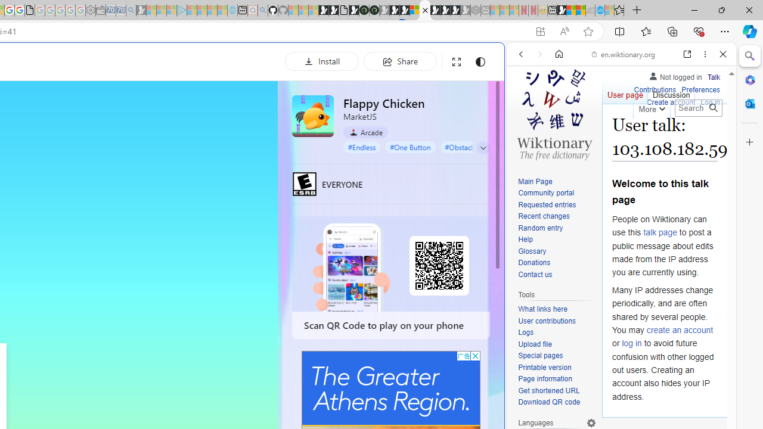  What do you see at coordinates (591, 422) in the screenshot?
I see `'Language settings'` at bounding box center [591, 422].